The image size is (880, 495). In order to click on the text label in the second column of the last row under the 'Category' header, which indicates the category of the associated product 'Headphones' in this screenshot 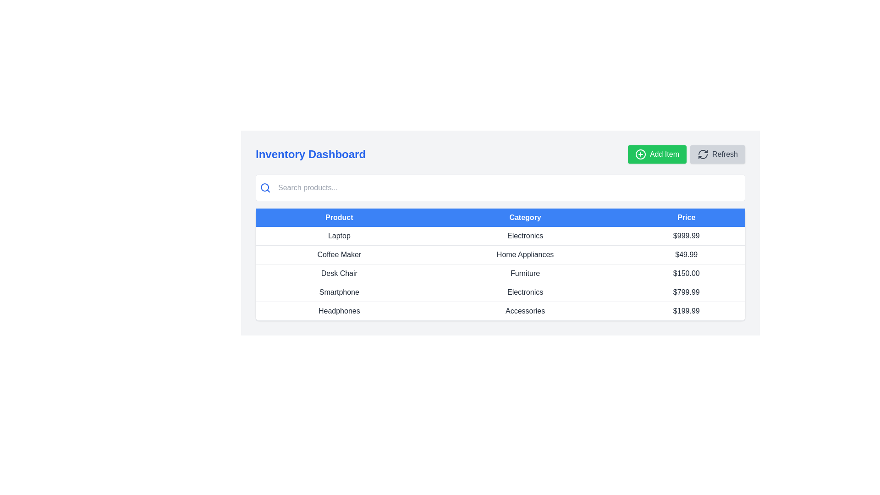, I will do `click(525, 310)`.